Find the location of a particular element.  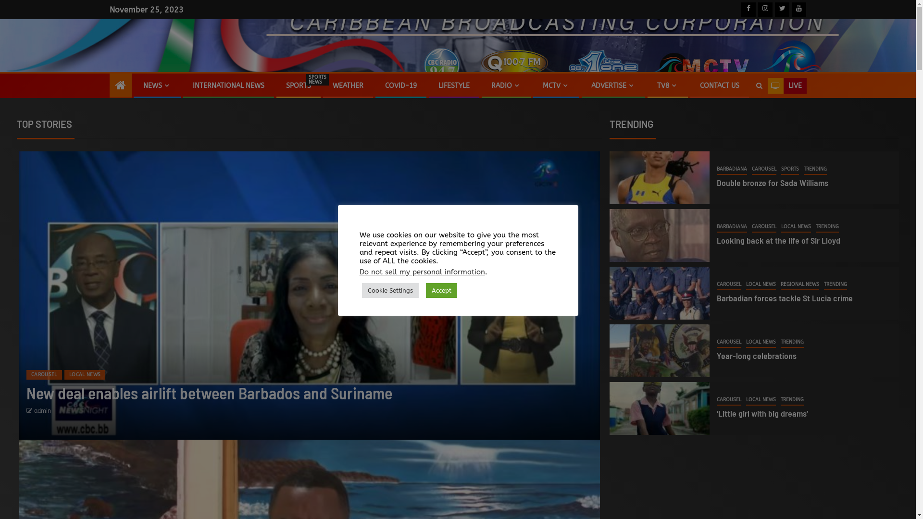

'MCTV' is located at coordinates (556, 85).